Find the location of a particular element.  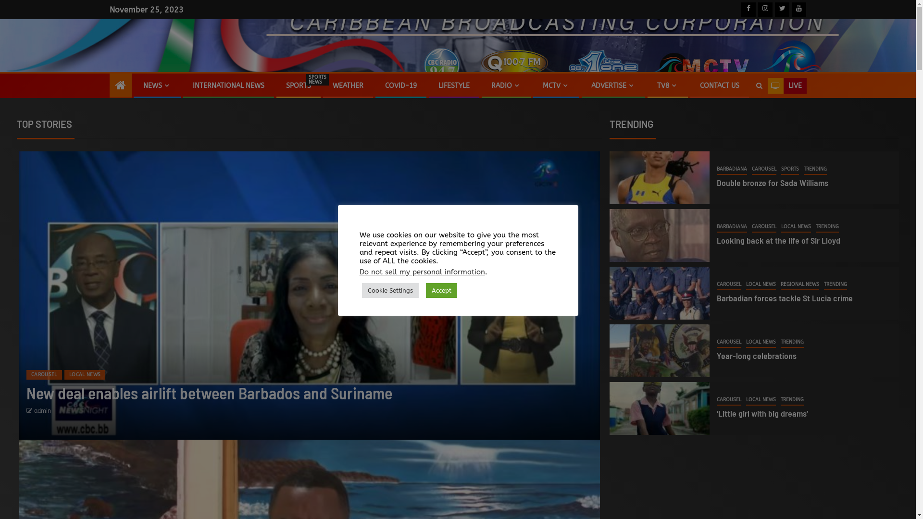

'MCTV' is located at coordinates (556, 85).